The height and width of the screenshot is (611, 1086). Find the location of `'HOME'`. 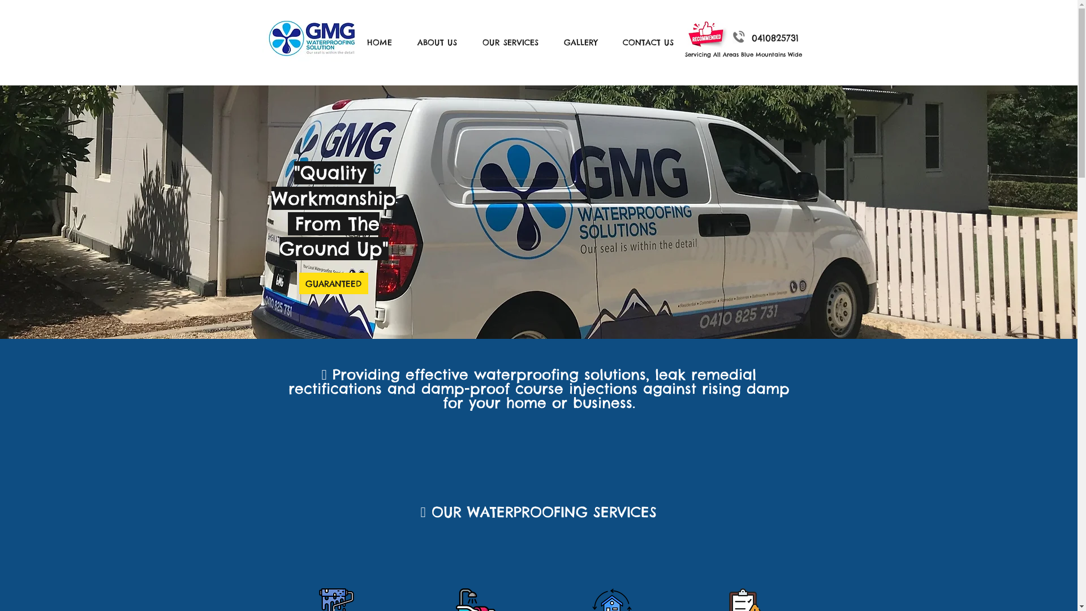

'HOME' is located at coordinates (357, 41).